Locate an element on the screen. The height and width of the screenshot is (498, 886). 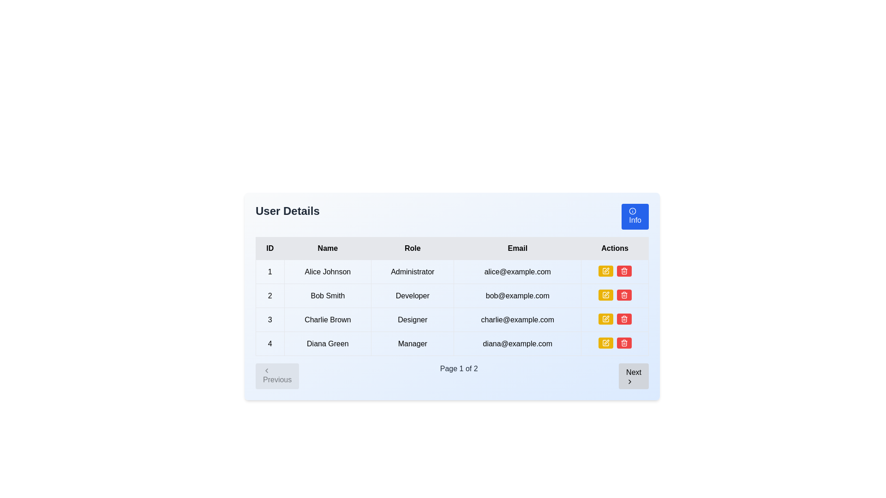
value of the text identifier for the second entry in the user details table, which corresponds to 'Bob Smith' in the 'ID' column is located at coordinates (269, 296).